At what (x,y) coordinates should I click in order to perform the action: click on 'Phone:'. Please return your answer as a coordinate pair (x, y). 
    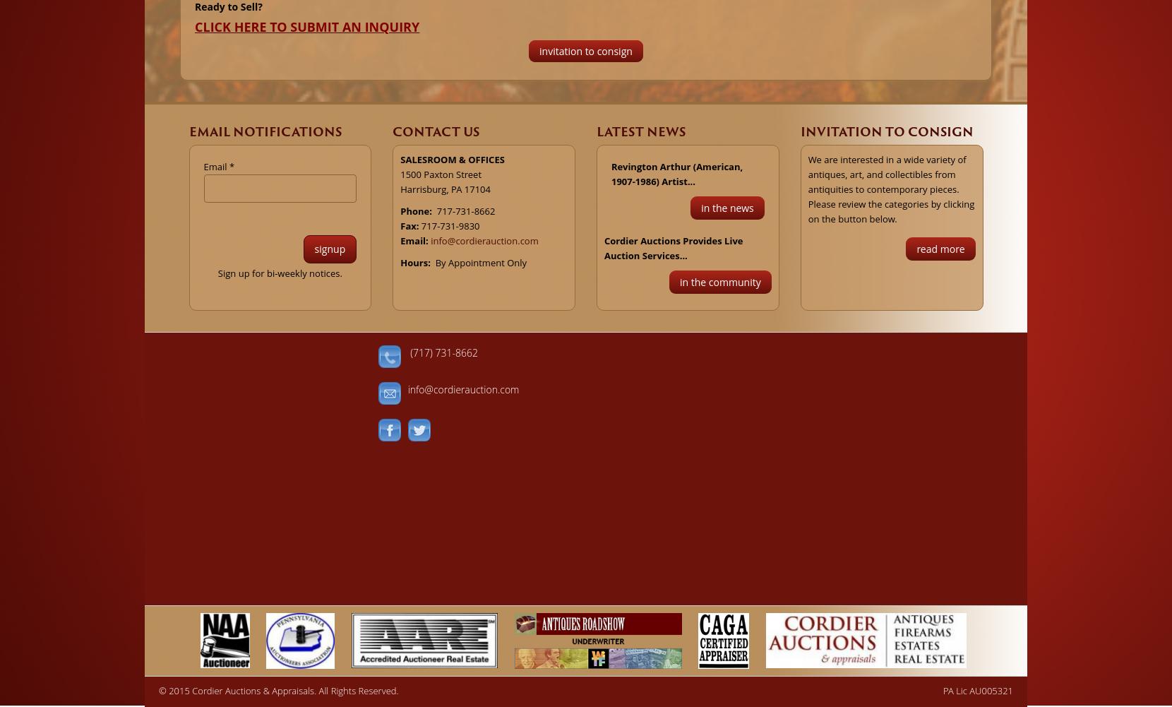
    Looking at the image, I should click on (417, 210).